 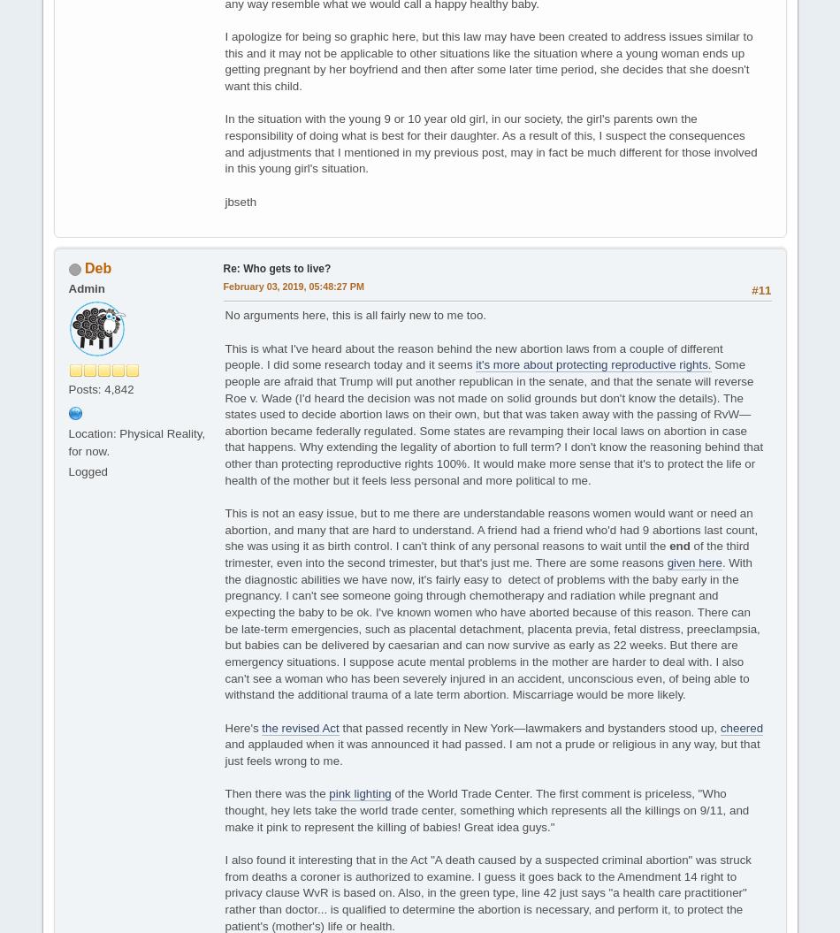 I want to click on '#11', so click(x=760, y=289).